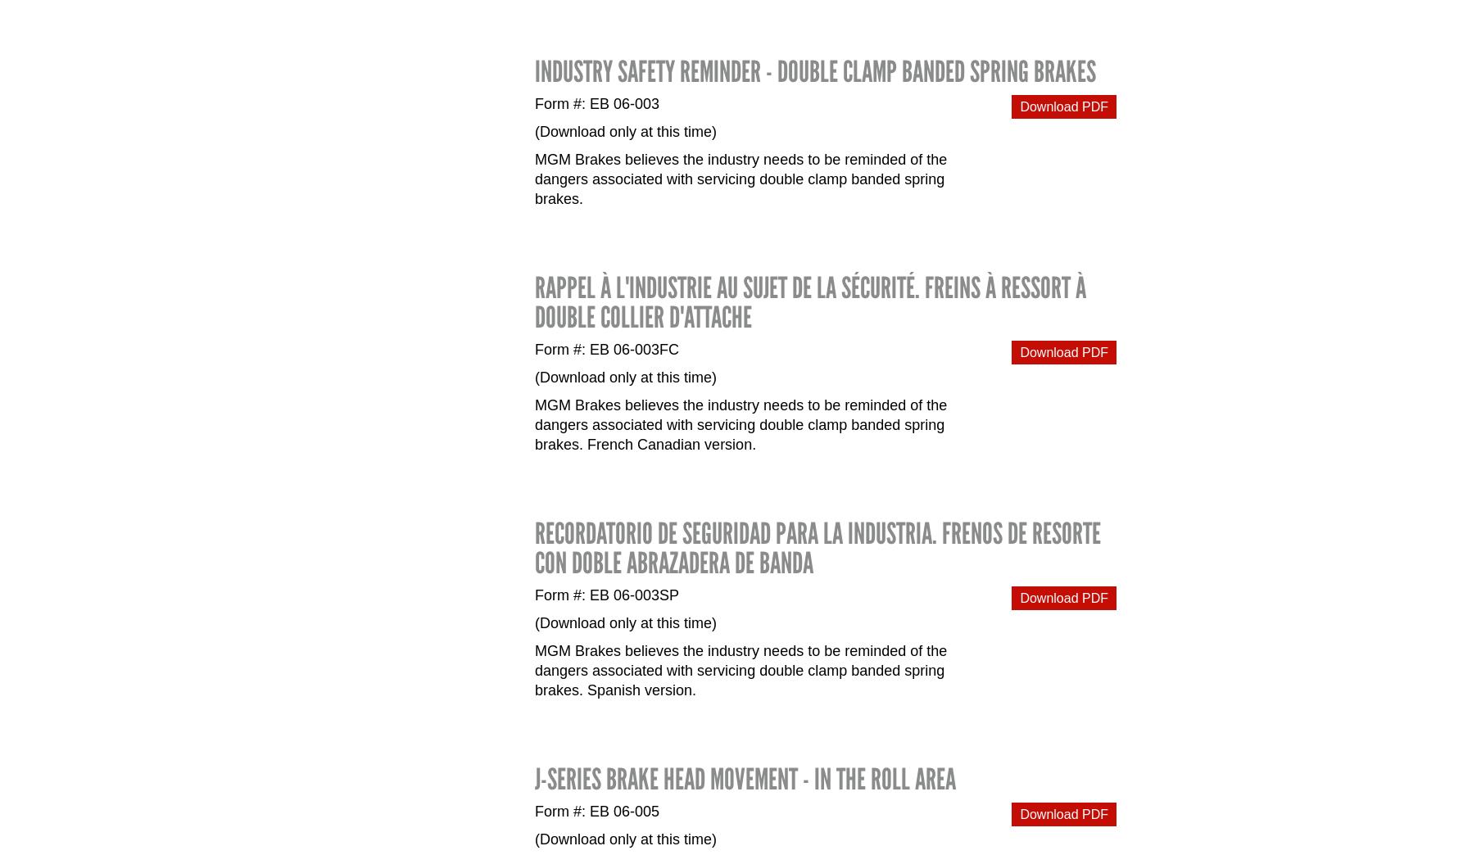 The image size is (1463, 855). What do you see at coordinates (534, 179) in the screenshot?
I see `'MGM Brakes believes the industry needs to be reminded of the dangers associated with servicing double clamp banded spring brakes.'` at bounding box center [534, 179].